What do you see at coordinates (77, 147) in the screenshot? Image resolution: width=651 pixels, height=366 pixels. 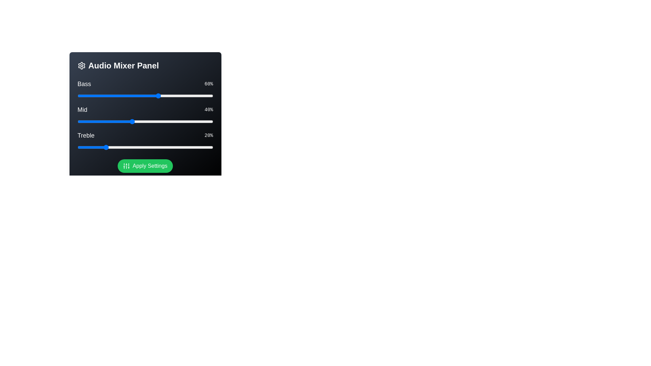 I see `the Treble slider to 0%` at bounding box center [77, 147].